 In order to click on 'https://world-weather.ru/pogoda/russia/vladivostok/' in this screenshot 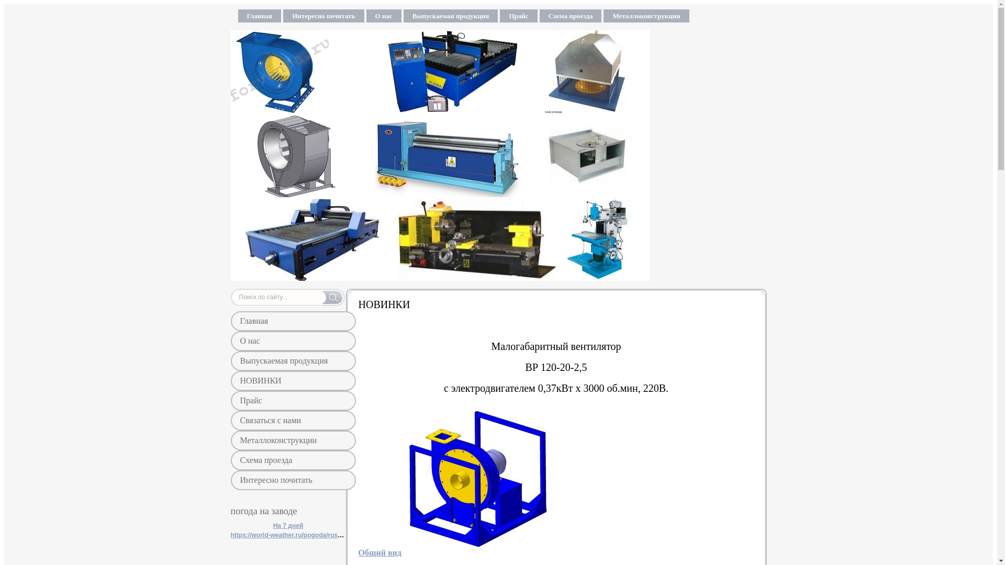, I will do `click(306, 535)`.